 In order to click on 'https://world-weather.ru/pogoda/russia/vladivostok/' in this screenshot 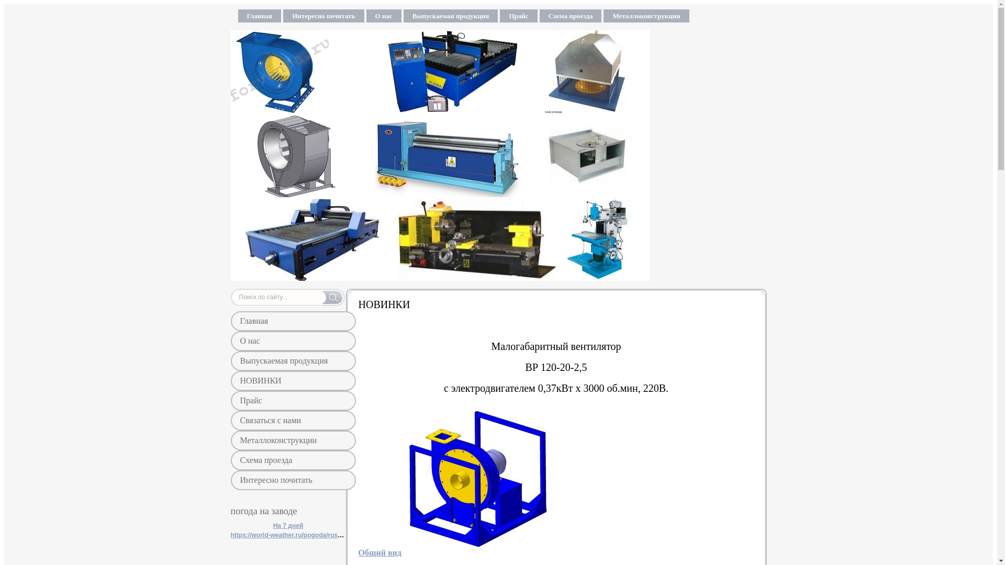, I will do `click(306, 535)`.